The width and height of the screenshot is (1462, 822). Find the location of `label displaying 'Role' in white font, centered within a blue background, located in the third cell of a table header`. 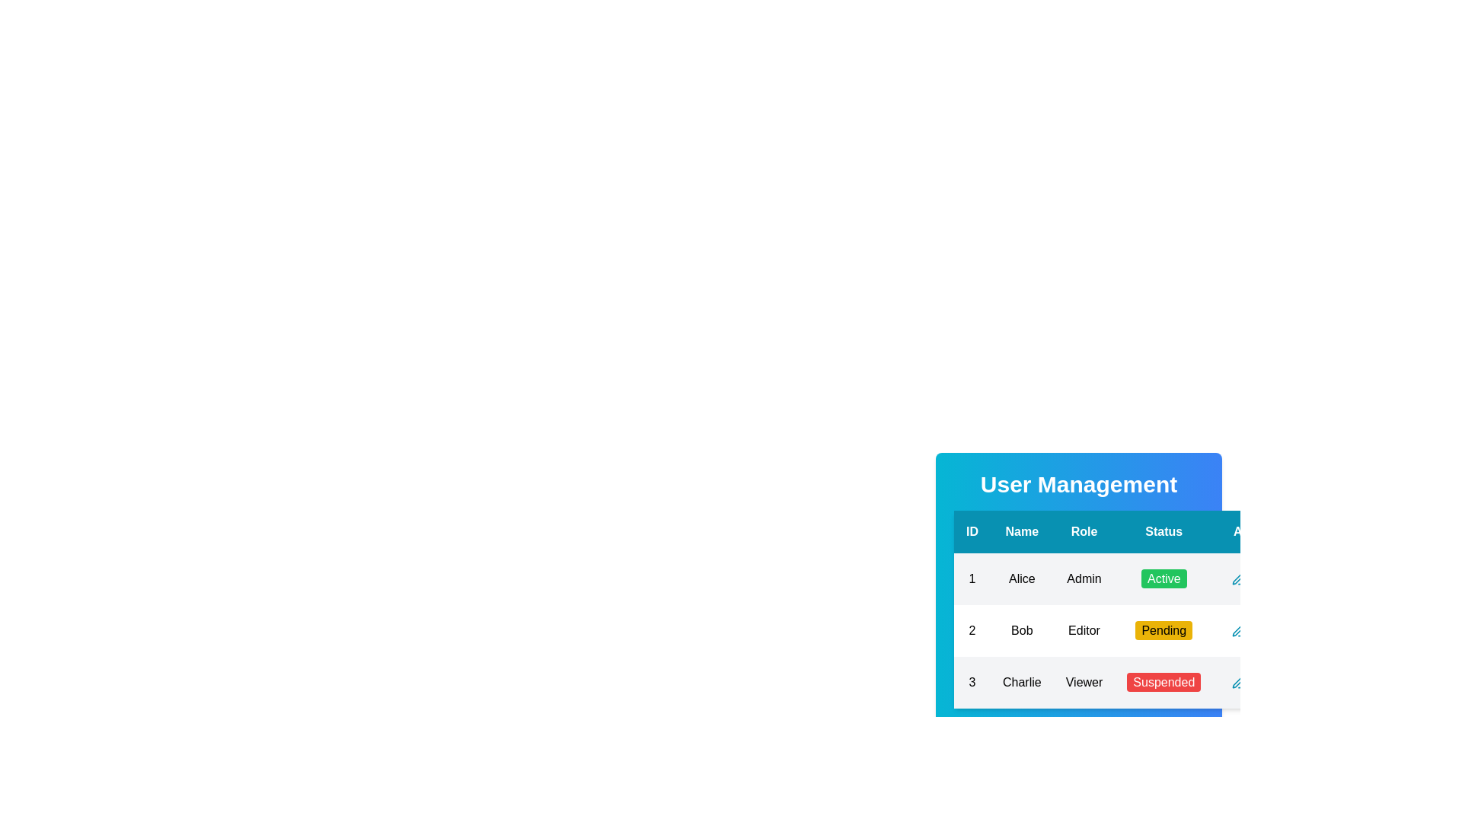

label displaying 'Role' in white font, centered within a blue background, located in the third cell of a table header is located at coordinates (1084, 530).